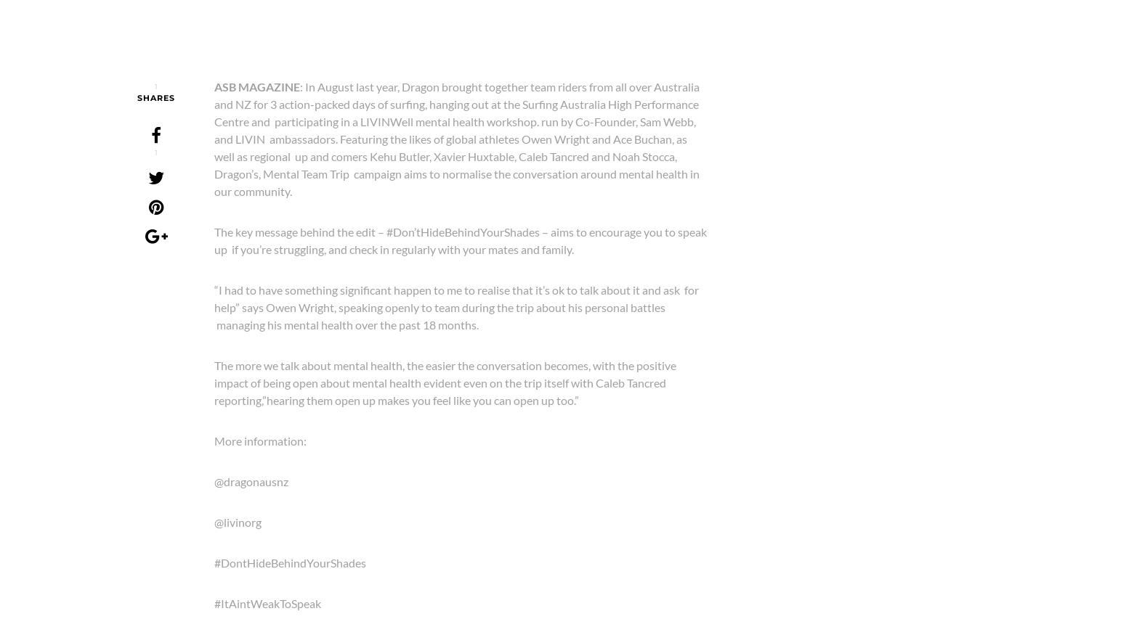 This screenshot has height=619, width=1126. What do you see at coordinates (250, 480) in the screenshot?
I see `'@dragonausnz'` at bounding box center [250, 480].